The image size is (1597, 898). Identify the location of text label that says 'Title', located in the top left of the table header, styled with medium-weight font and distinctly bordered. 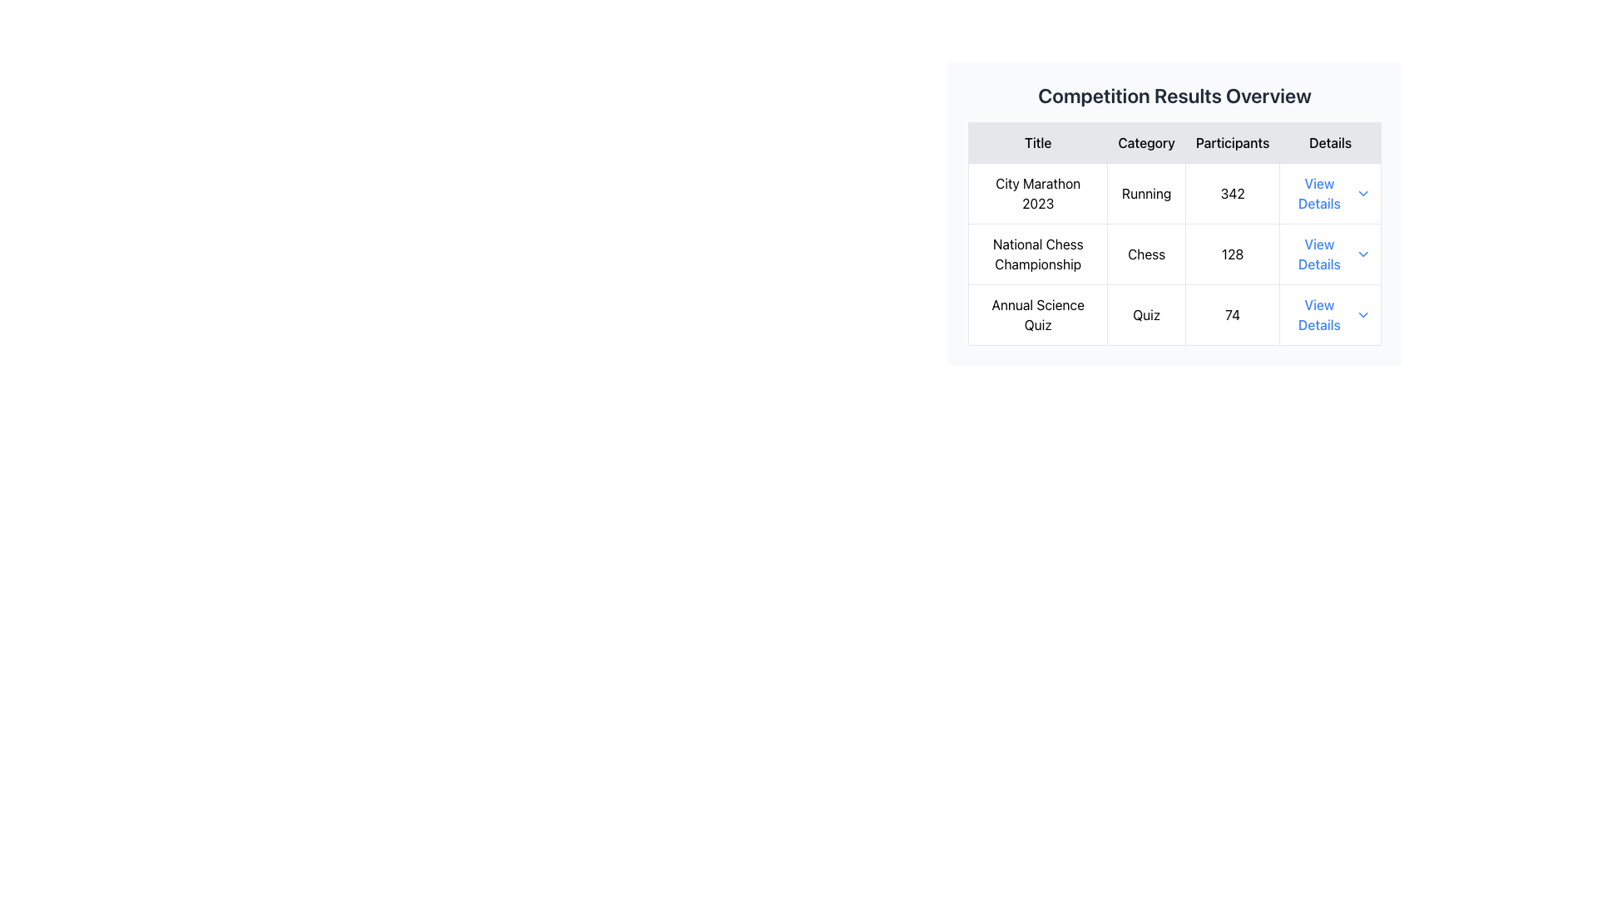
(1037, 142).